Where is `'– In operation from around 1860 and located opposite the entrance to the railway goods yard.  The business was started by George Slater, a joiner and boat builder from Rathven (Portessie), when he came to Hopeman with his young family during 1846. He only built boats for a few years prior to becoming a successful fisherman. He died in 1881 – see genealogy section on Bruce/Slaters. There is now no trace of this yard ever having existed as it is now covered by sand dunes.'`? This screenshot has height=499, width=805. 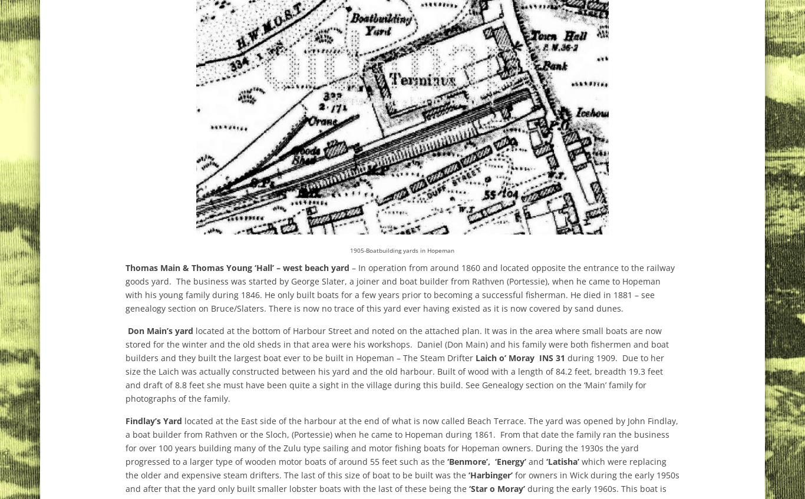
'– In operation from around 1860 and located opposite the entrance to the railway goods yard.  The business was started by George Slater, a joiner and boat builder from Rathven (Portessie), when he came to Hopeman with his young family during 1846. He only built boats for a few years prior to becoming a successful fisherman. He died in 1881 – see genealogy section on Bruce/Slaters. There is now no trace of this yard ever having existed as it is now covered by sand dunes.' is located at coordinates (398, 287).